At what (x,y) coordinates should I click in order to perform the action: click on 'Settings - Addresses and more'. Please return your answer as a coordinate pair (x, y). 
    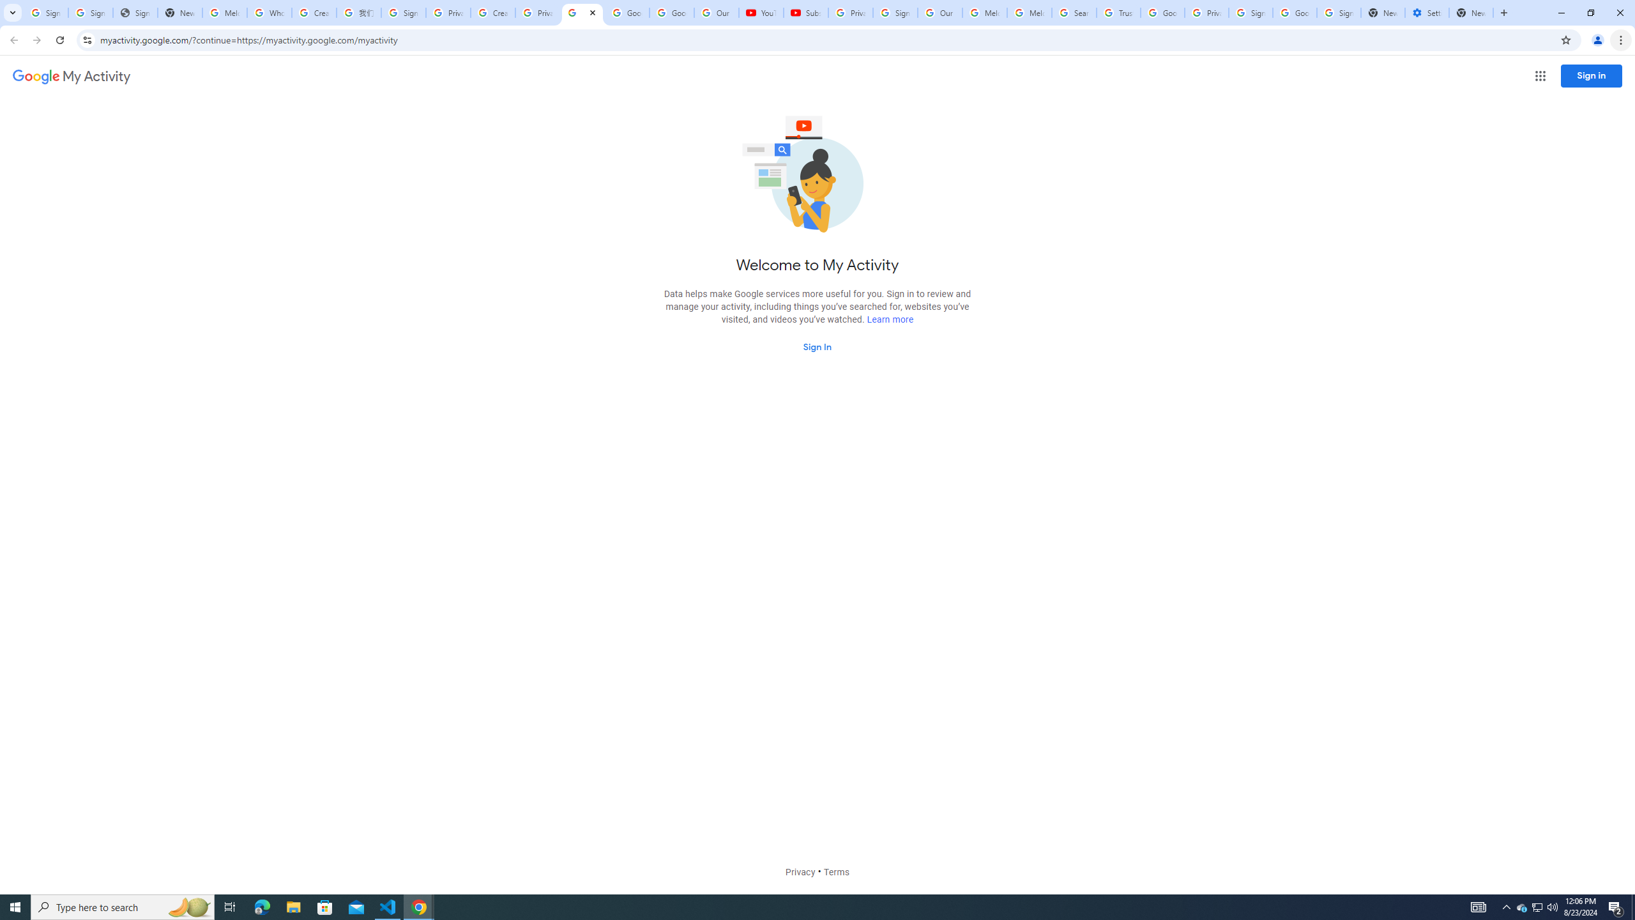
    Looking at the image, I should click on (1426, 12).